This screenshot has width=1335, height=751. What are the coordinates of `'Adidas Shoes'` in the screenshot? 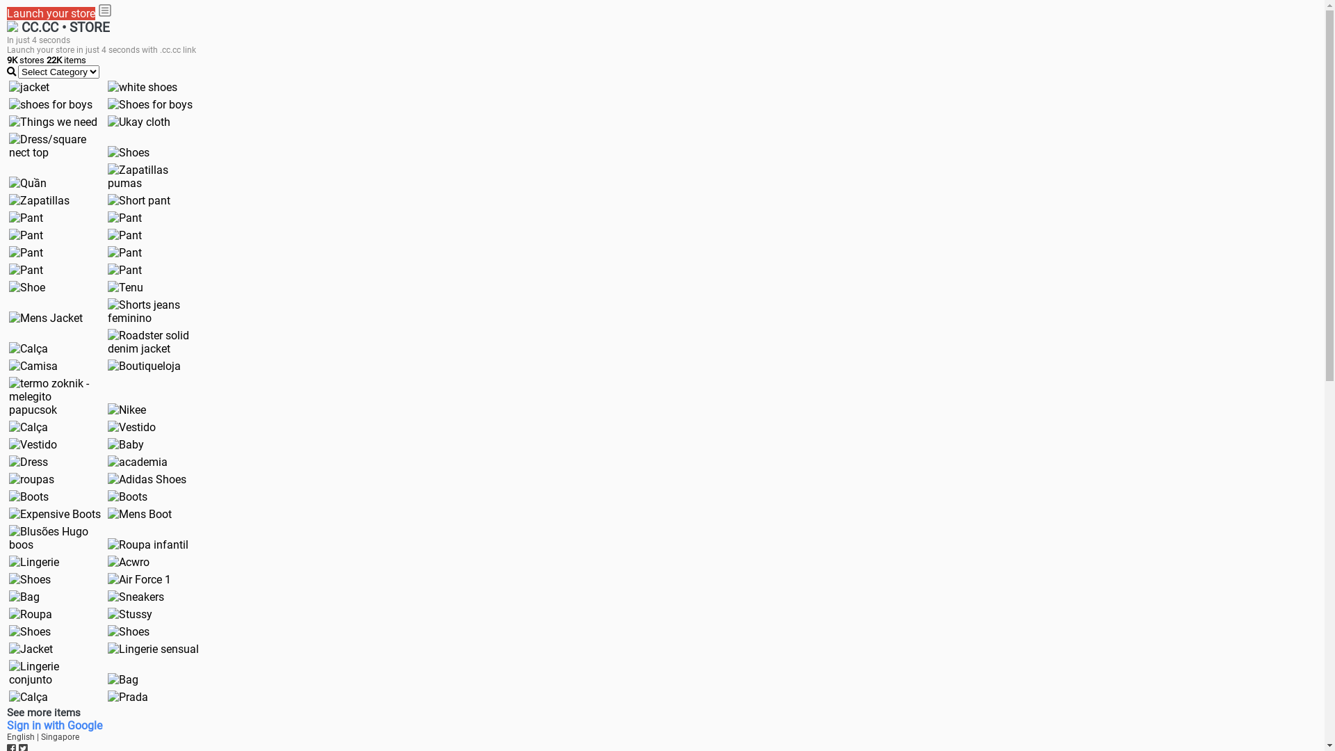 It's located at (147, 478).